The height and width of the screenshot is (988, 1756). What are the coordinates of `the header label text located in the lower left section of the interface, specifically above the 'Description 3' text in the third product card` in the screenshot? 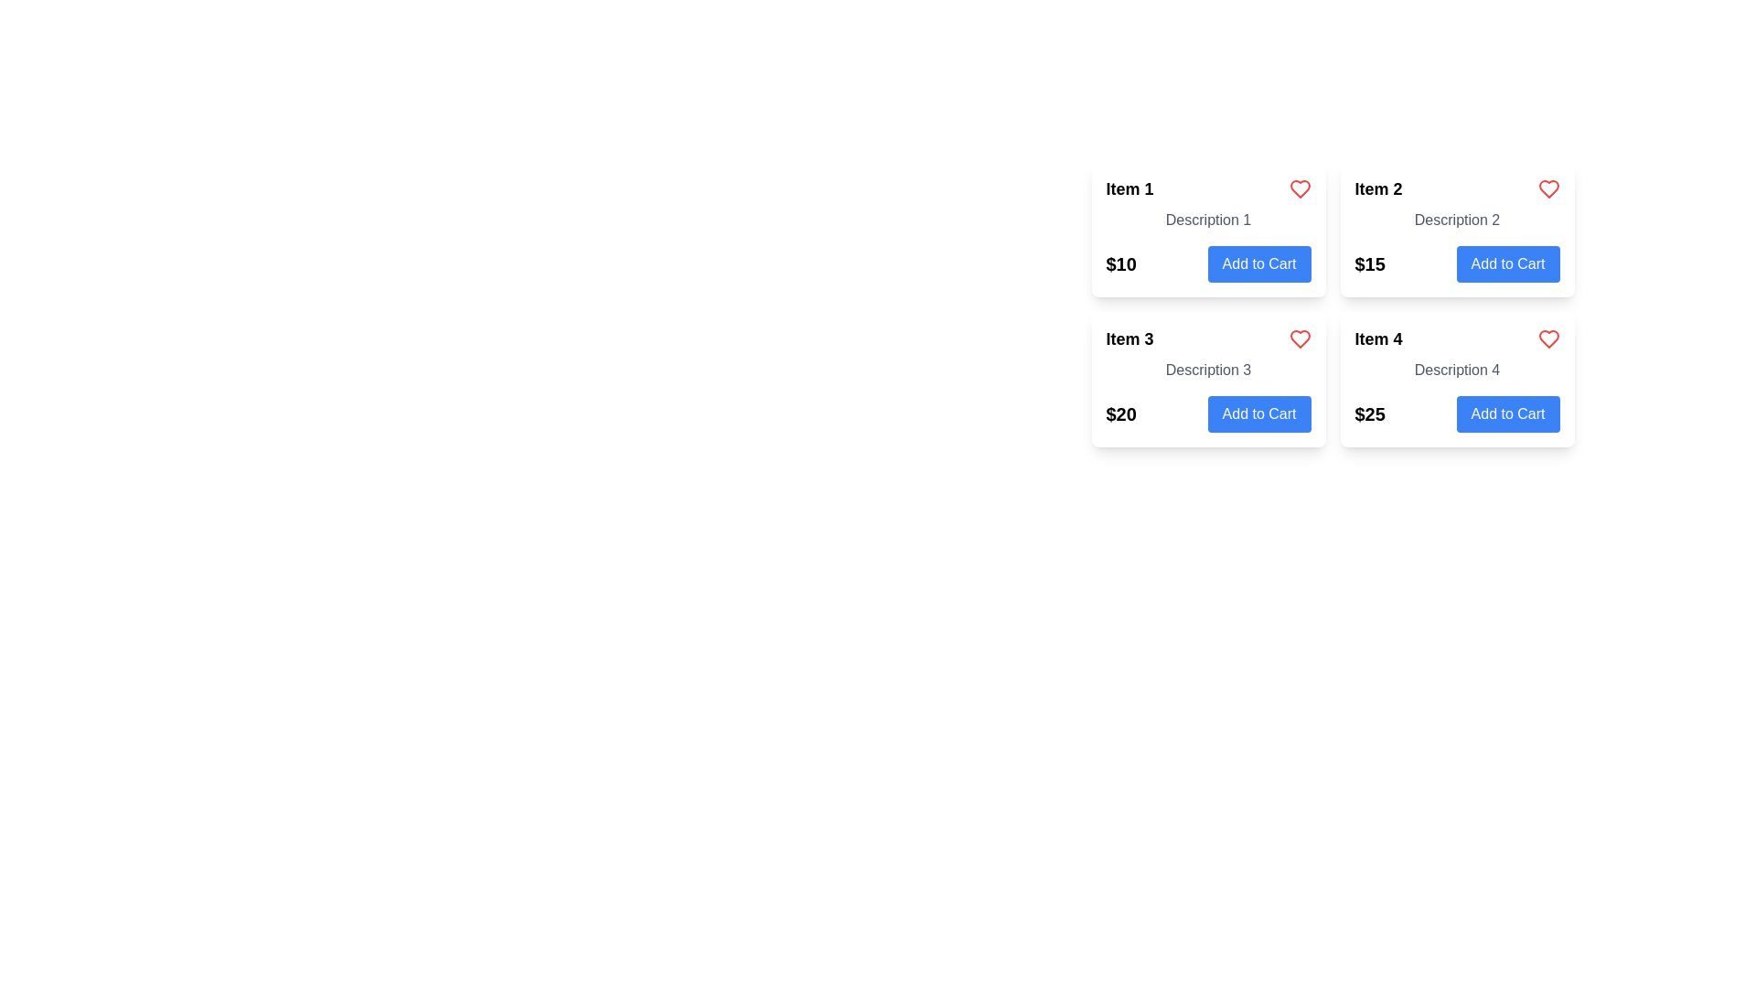 It's located at (1129, 338).